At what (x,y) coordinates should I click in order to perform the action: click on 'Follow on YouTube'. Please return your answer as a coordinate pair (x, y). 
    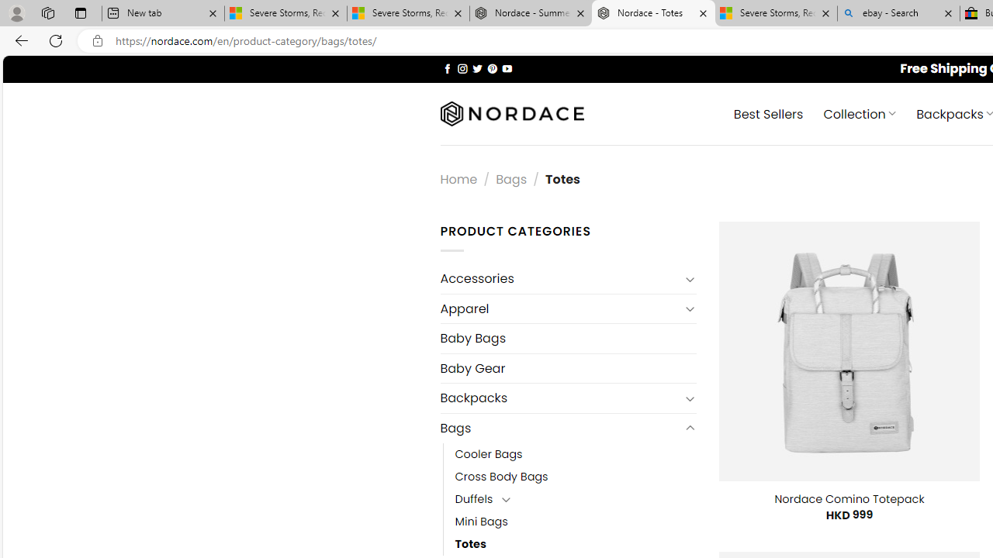
    Looking at the image, I should click on (507, 67).